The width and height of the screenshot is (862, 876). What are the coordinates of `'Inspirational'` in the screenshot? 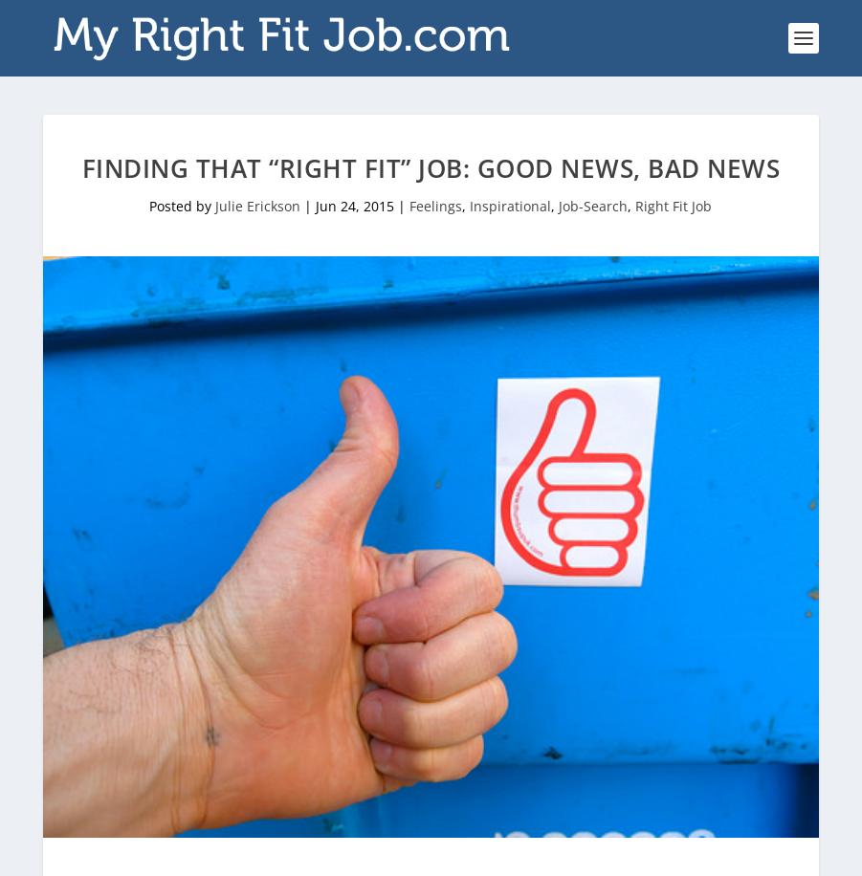 It's located at (510, 204).